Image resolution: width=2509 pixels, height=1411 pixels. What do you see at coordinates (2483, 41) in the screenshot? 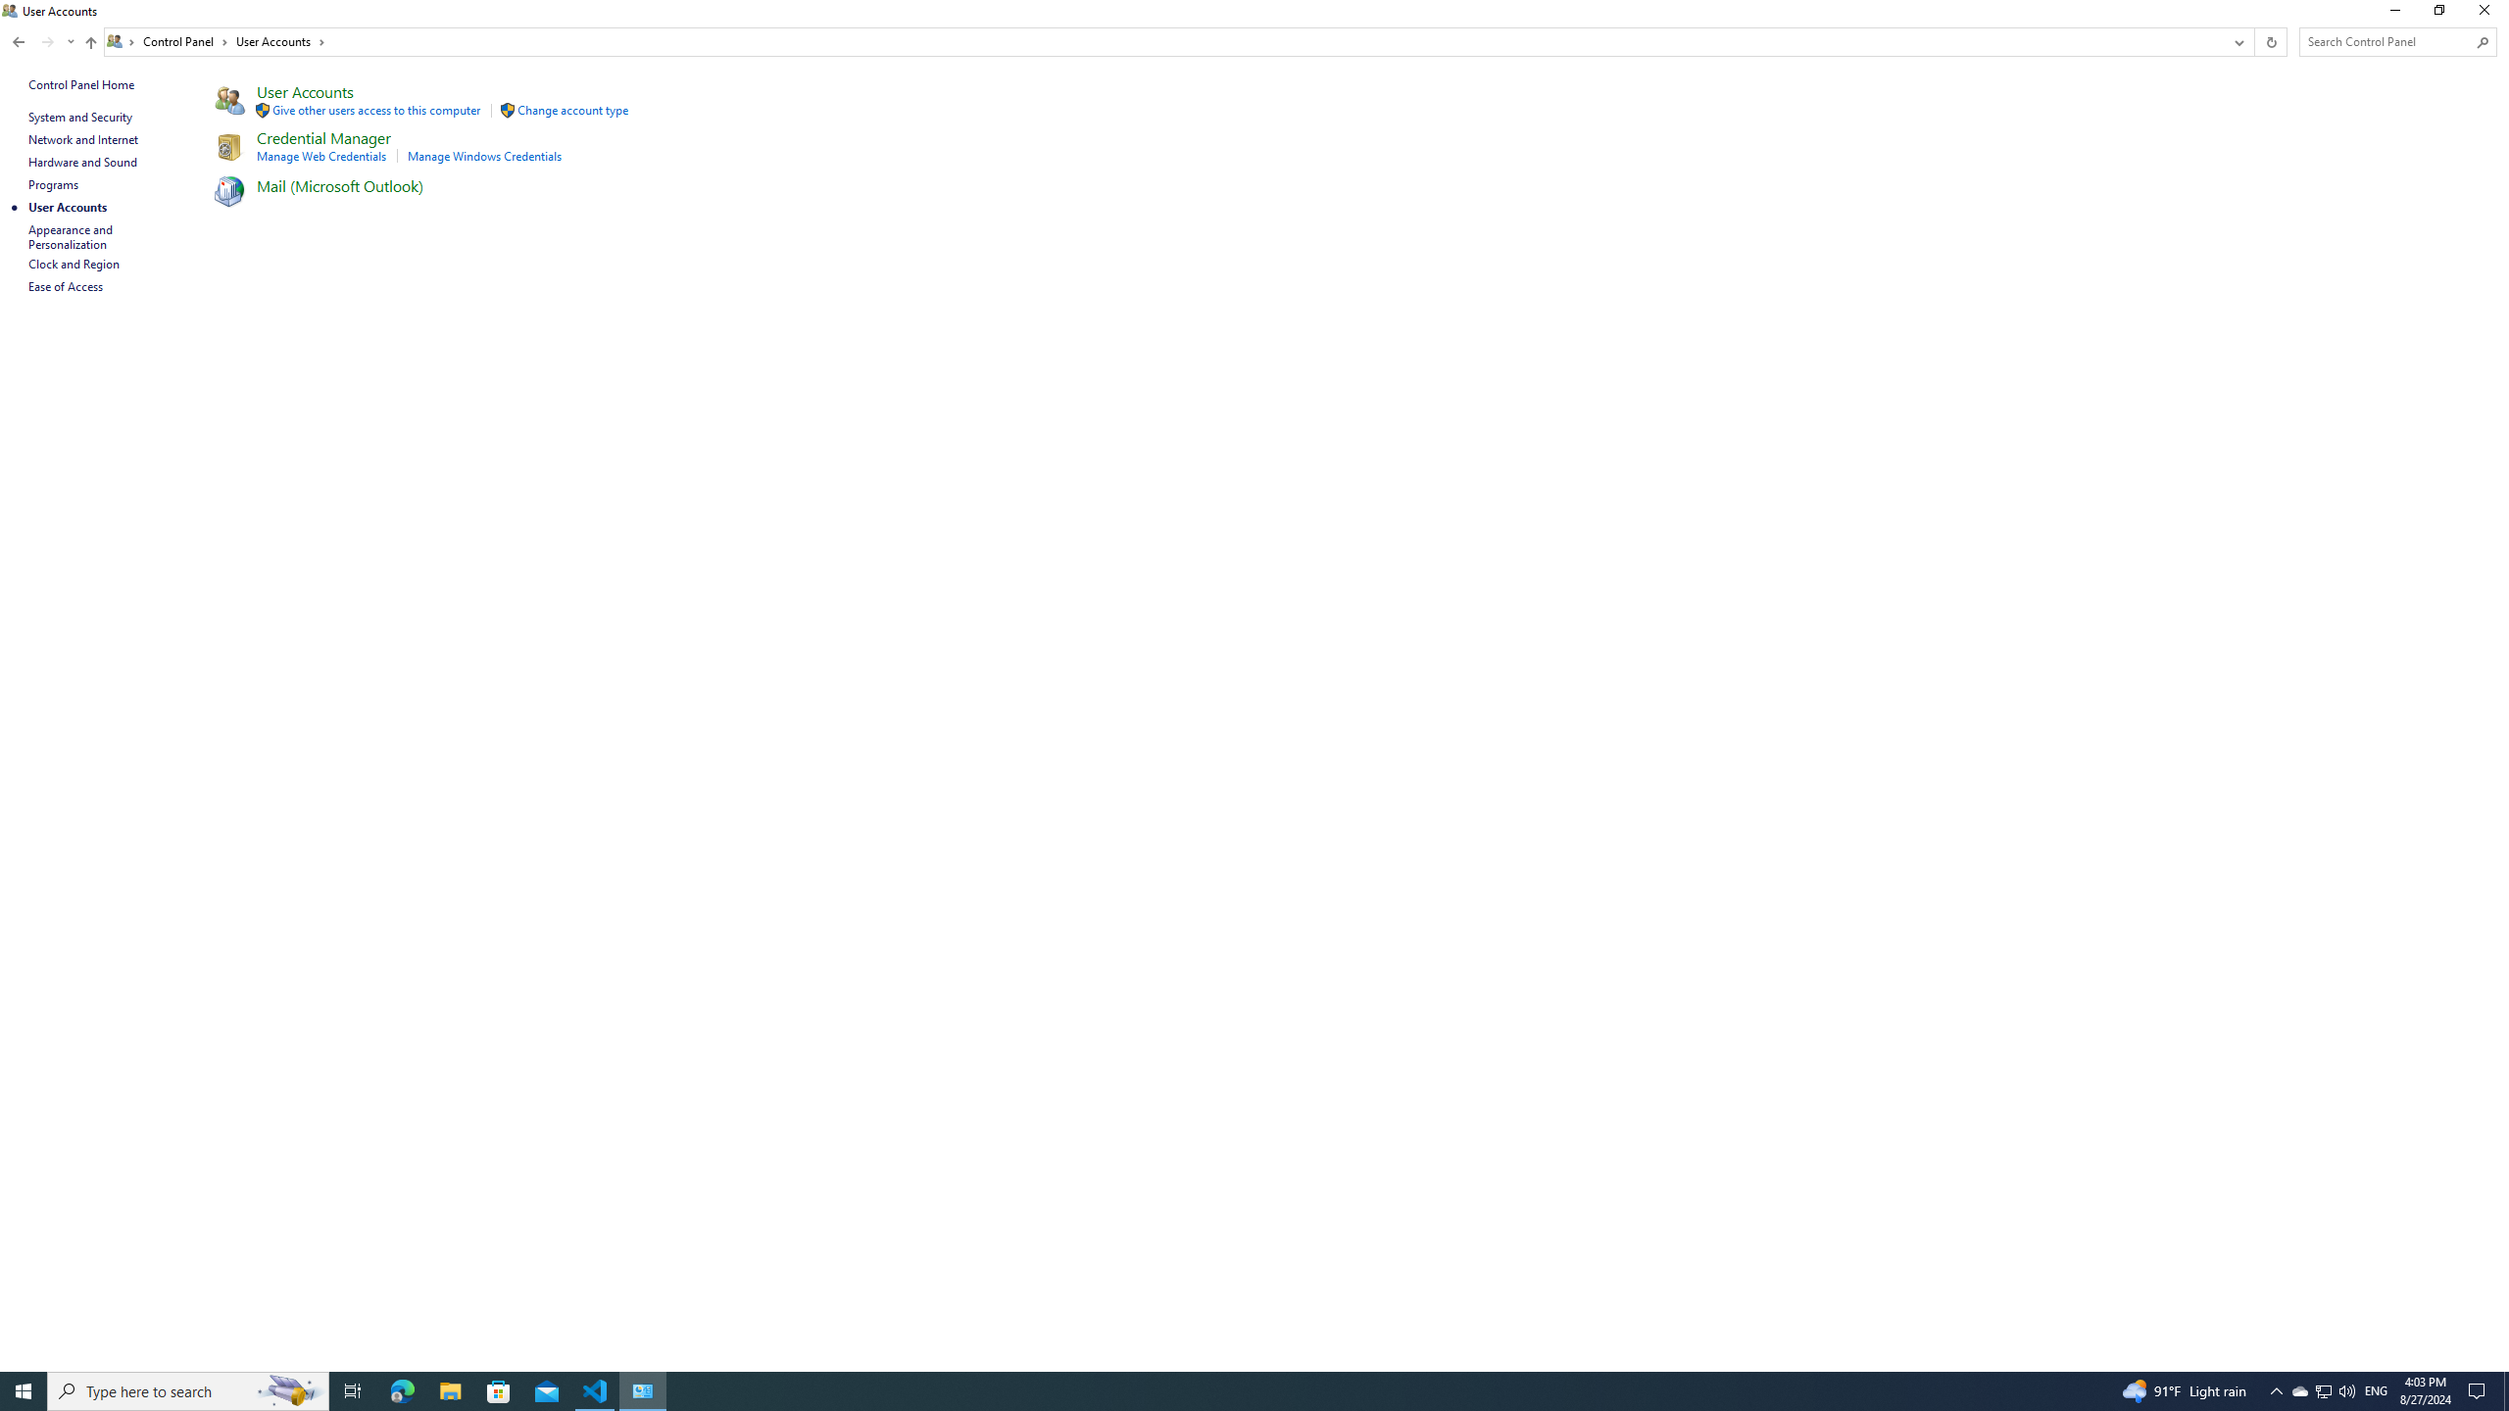
I see `'Search'` at bounding box center [2483, 41].